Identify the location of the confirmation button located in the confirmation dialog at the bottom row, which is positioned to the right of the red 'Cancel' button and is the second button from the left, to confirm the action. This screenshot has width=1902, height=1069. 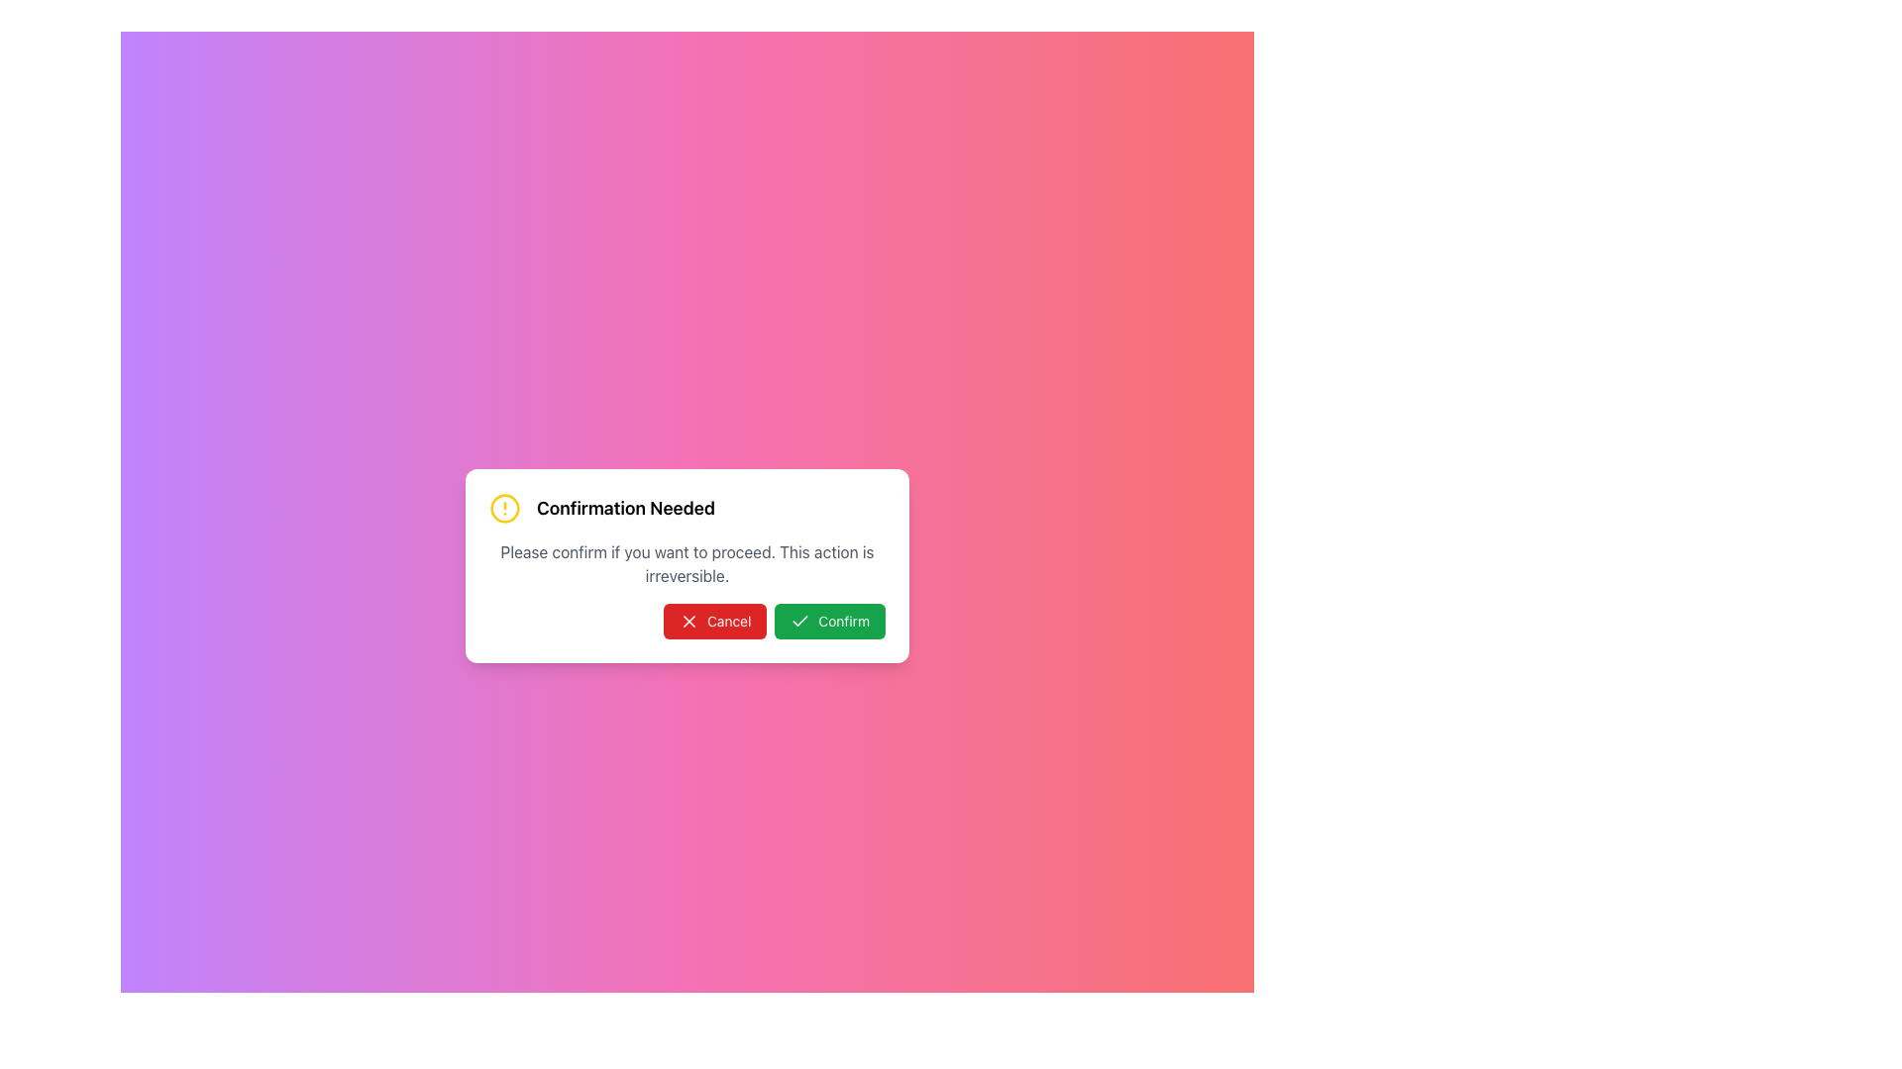
(830, 621).